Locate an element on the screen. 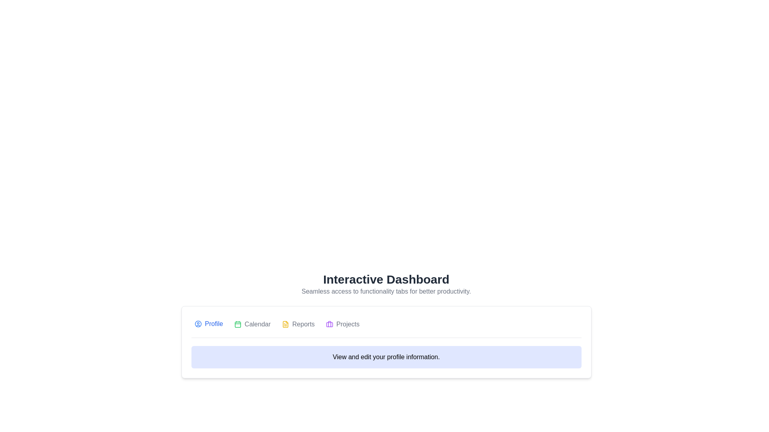  the circular profile icon with blue tones located in the top-left corner of the horizontal menu structure, which includes links such as 'Profile' and 'Calendar' is located at coordinates (198, 324).